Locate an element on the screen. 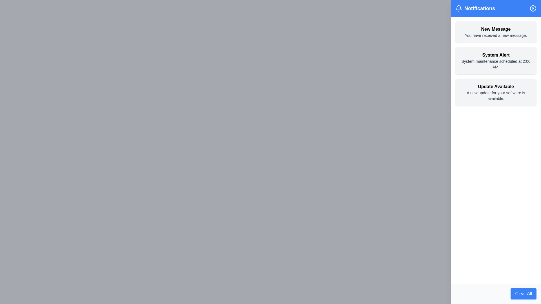 The height and width of the screenshot is (304, 541). the bell icon located at the top-right corner of the header bar, which visually represents notifications or alerts is located at coordinates (458, 8).